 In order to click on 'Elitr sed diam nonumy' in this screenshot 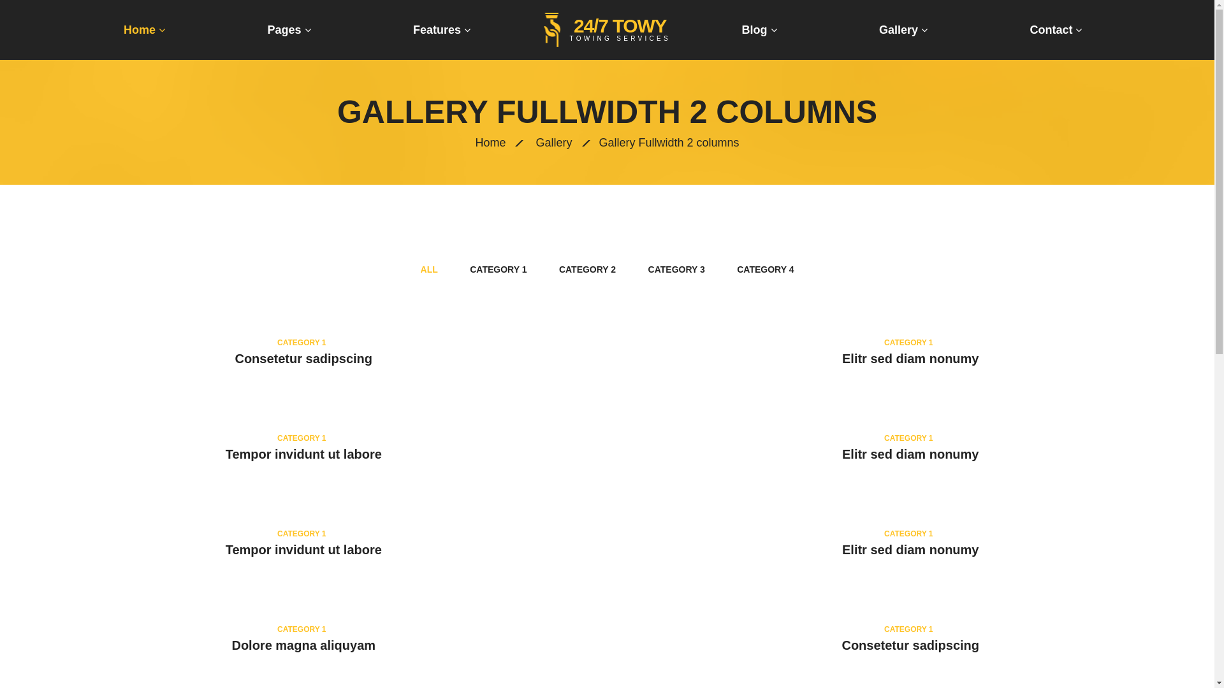, I will do `click(841, 359)`.